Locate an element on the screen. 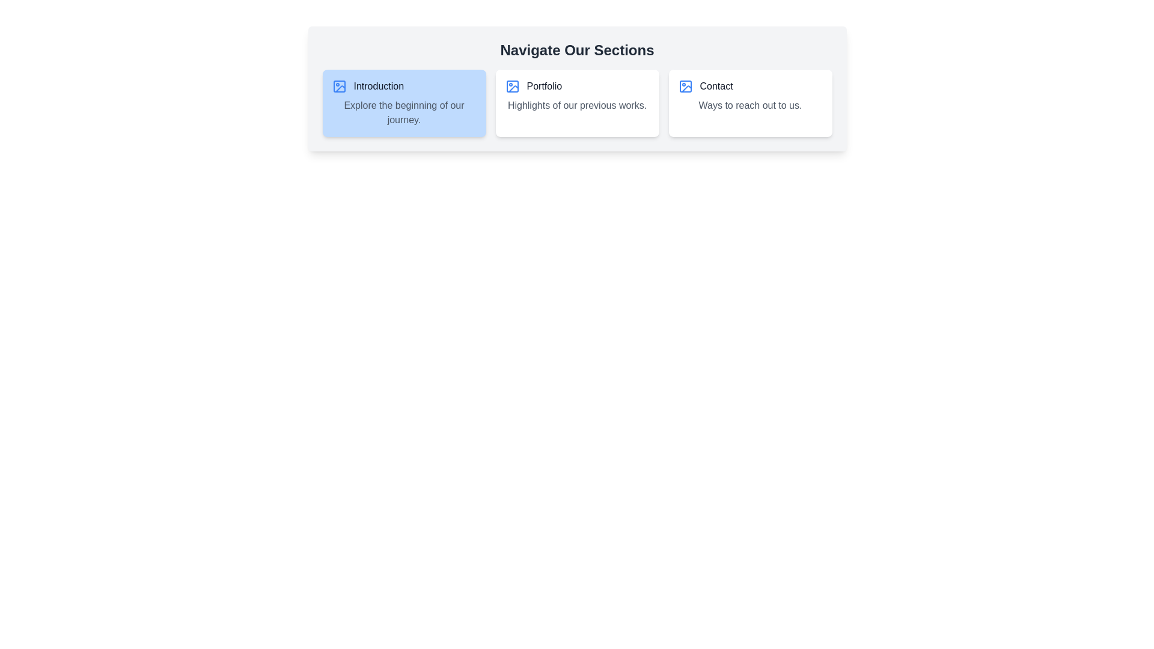 The height and width of the screenshot is (649, 1154). the navigational link or title for the portfolio section, which is located in the middle tile of a three-tile horizontal layout, below 'Highlights of our previous works.' is located at coordinates (577, 85).